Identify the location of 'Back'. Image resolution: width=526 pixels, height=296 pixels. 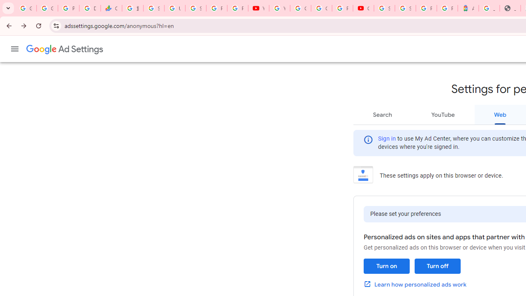
(8, 25).